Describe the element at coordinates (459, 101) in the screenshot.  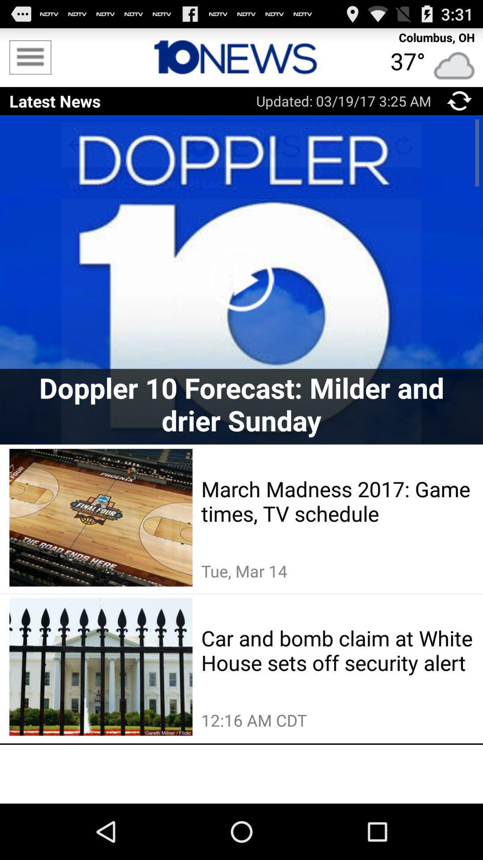
I see `the app next to updated 03 19 icon` at that location.